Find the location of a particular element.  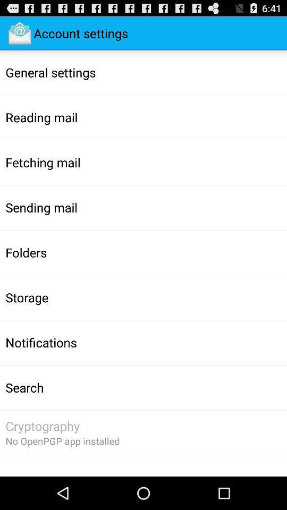

icon below the notifications app is located at coordinates (24, 387).